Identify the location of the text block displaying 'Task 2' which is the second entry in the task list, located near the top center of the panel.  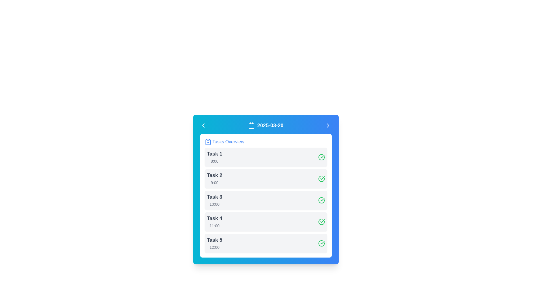
(214, 179).